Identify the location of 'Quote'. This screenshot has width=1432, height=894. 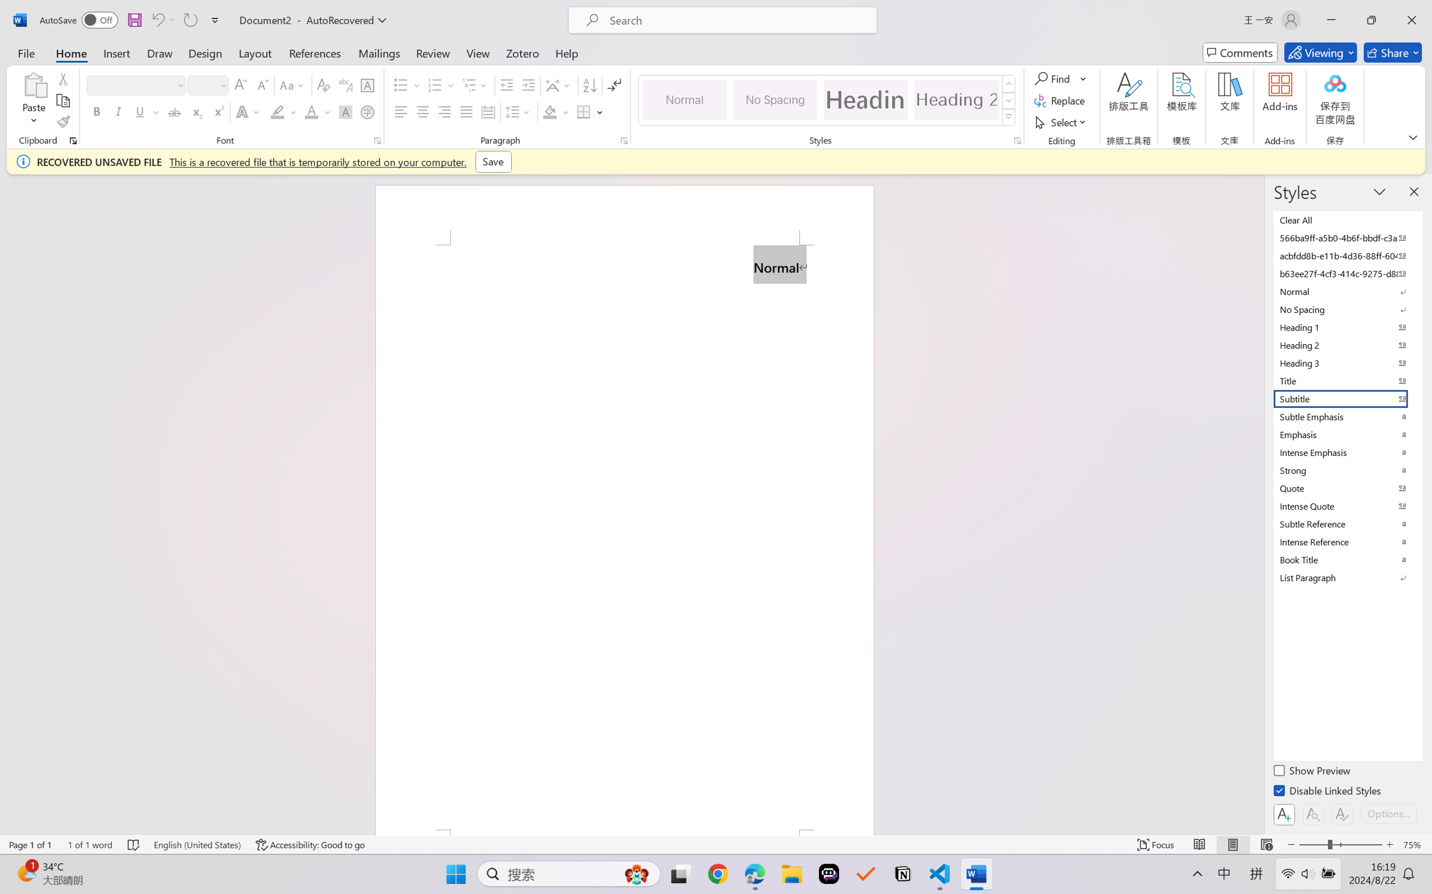
(1346, 487).